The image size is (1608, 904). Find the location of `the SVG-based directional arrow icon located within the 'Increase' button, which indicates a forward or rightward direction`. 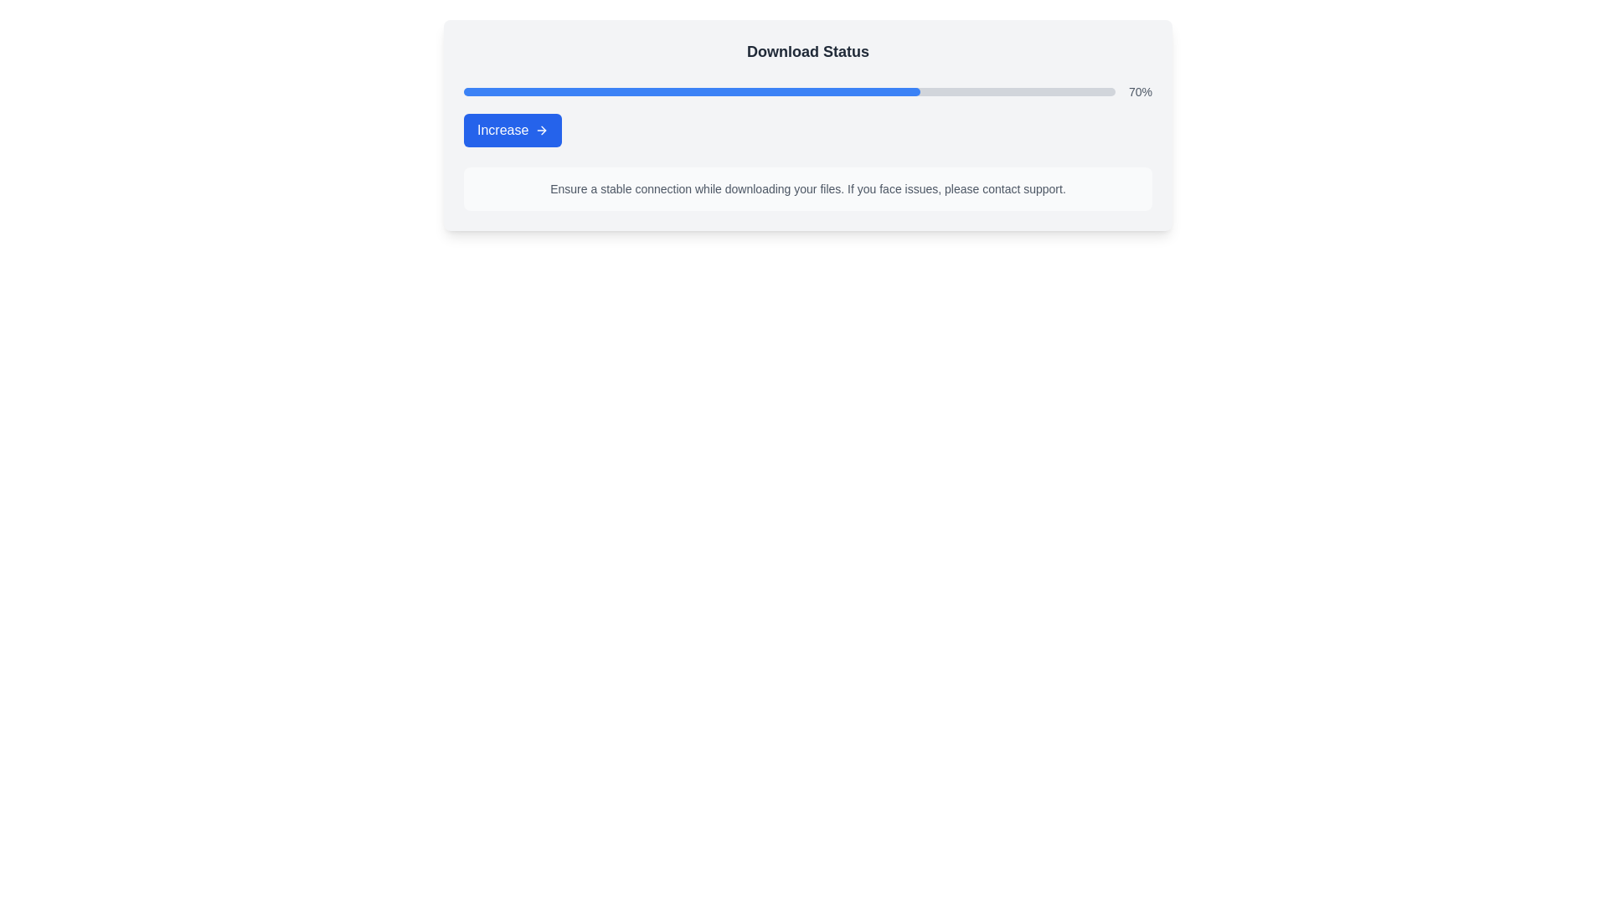

the SVG-based directional arrow icon located within the 'Increase' button, which indicates a forward or rightward direction is located at coordinates (542, 129).